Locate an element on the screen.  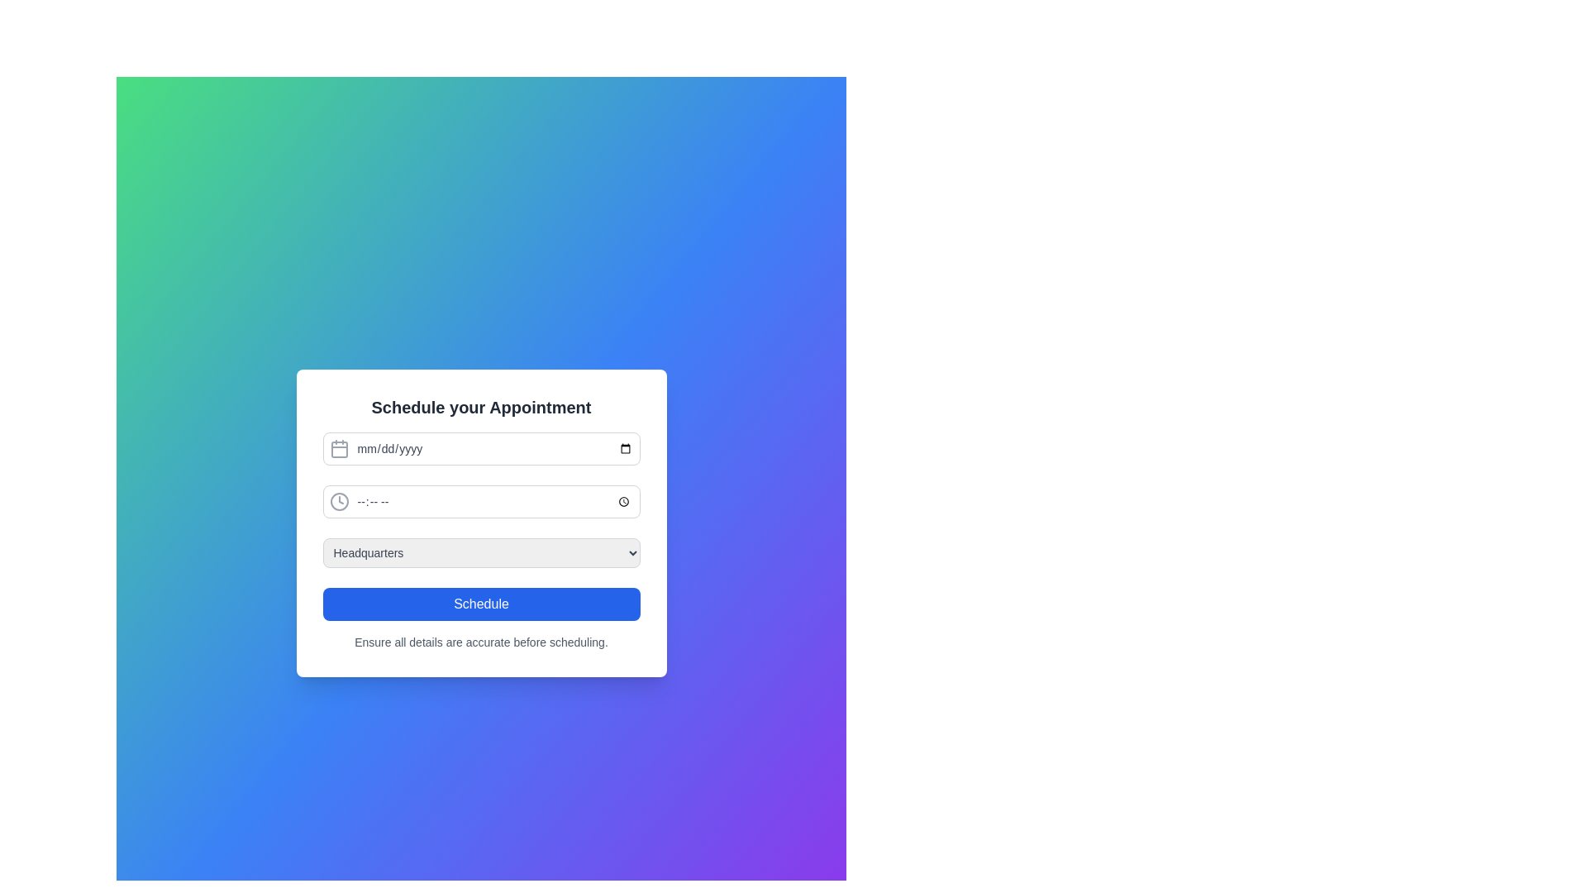
within the input fields of the form that allows users to schedule an appointment, which is visually represented by a white rounded rectangular element containing various input components and a blue 'Schedule' button is located at coordinates (480, 523).